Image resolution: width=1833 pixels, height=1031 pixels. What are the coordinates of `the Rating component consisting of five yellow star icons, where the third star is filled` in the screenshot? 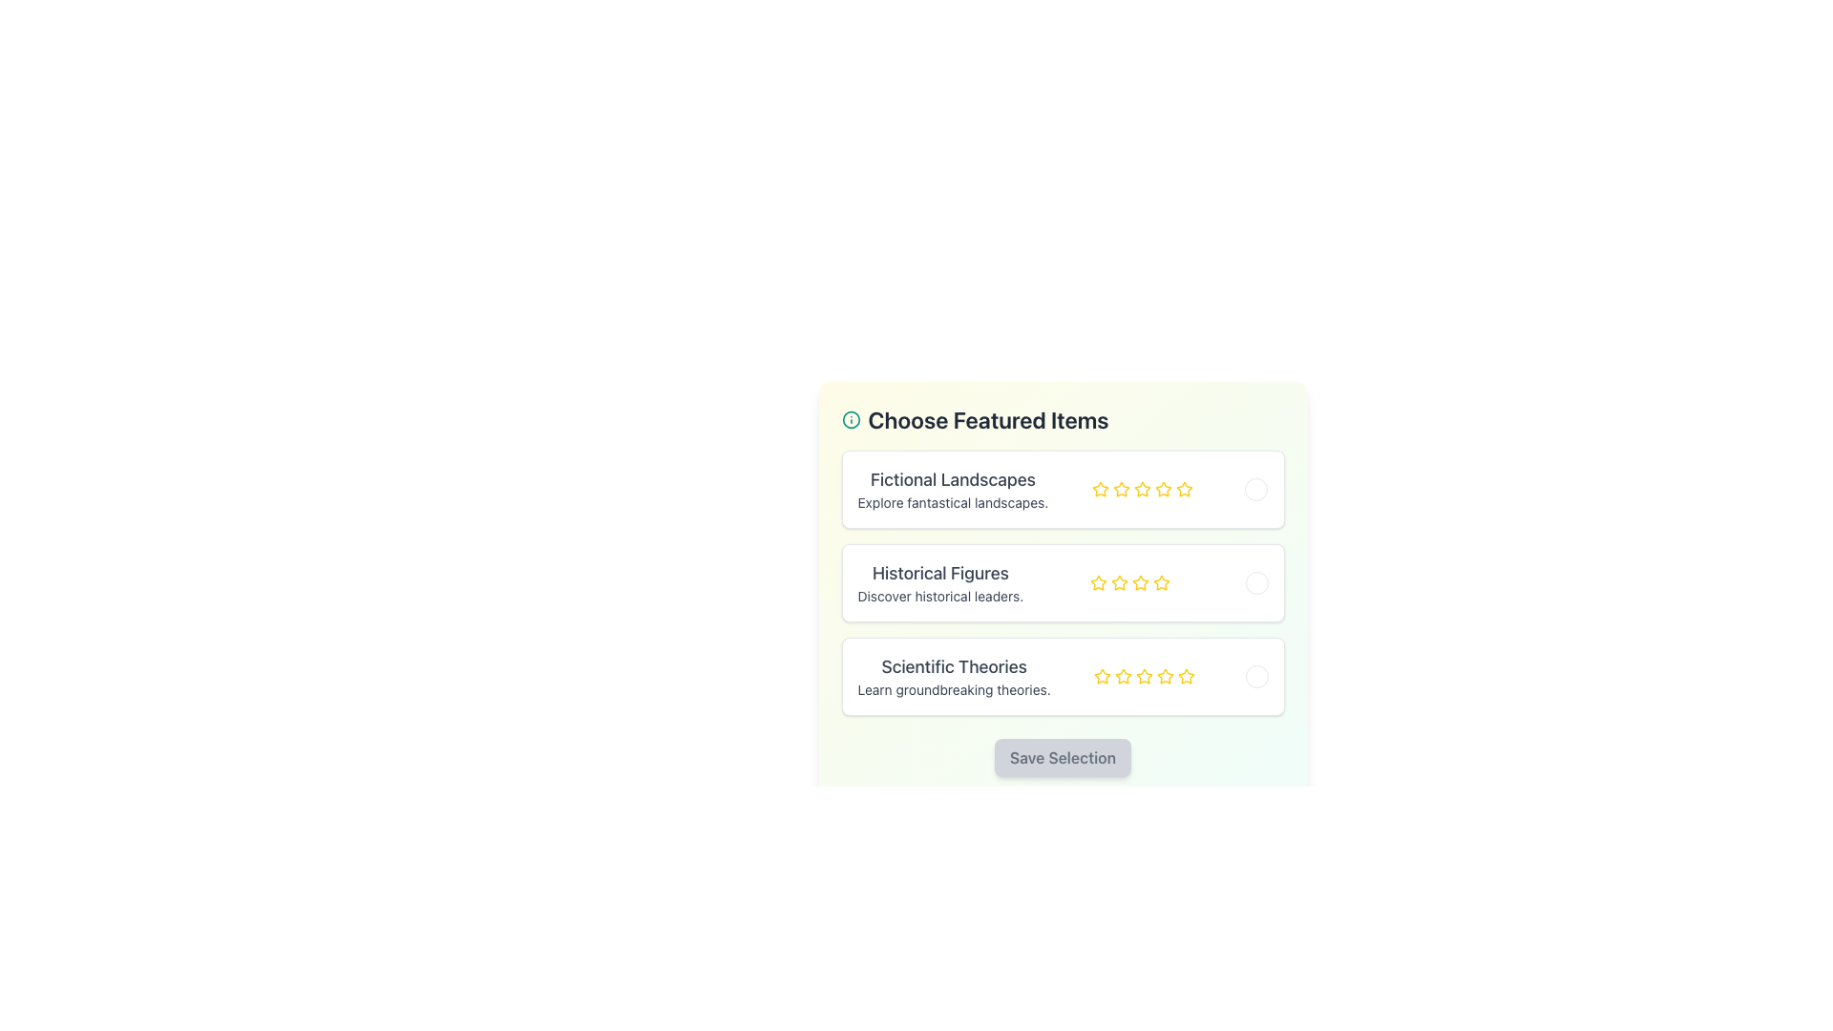 It's located at (1144, 676).